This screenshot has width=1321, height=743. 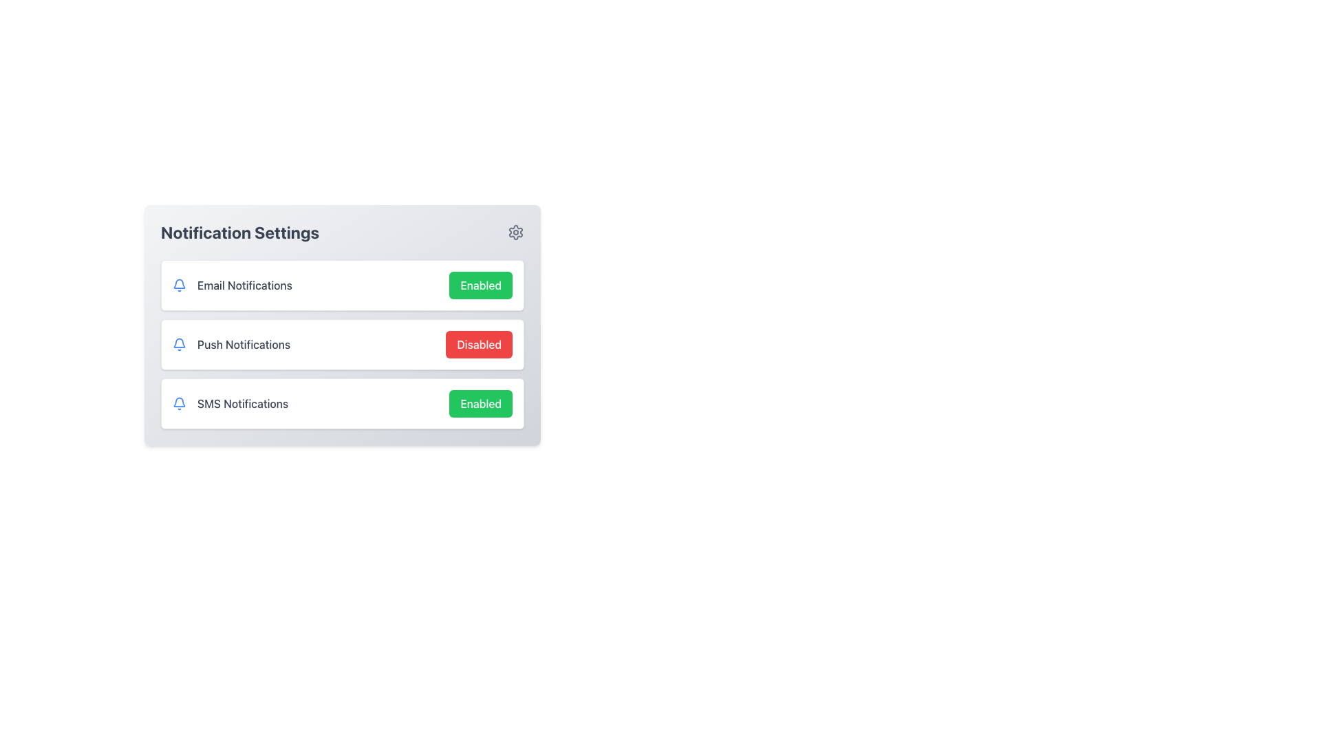 What do you see at coordinates (243, 402) in the screenshot?
I see `the text label reading 'SMS Notifications', which is styled in gray and positioned in the notification settings panel, located to the right of the bell icon` at bounding box center [243, 402].